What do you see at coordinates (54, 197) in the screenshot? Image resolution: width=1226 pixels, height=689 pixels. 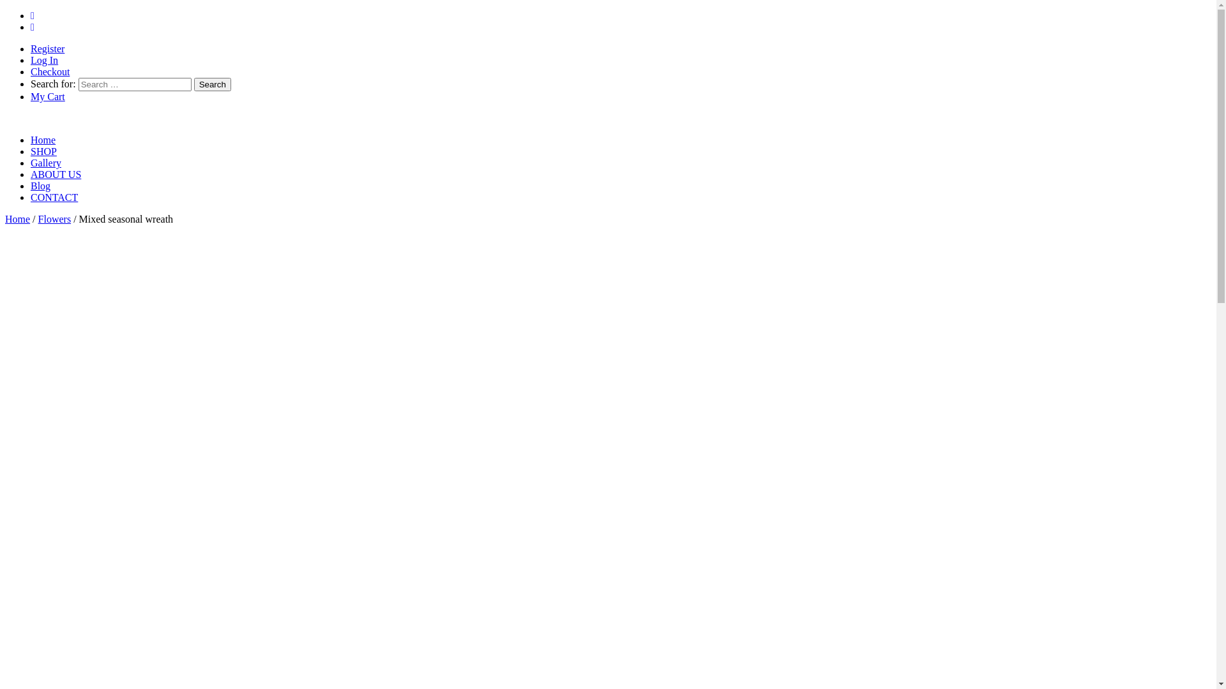 I see `'CONTACT'` at bounding box center [54, 197].